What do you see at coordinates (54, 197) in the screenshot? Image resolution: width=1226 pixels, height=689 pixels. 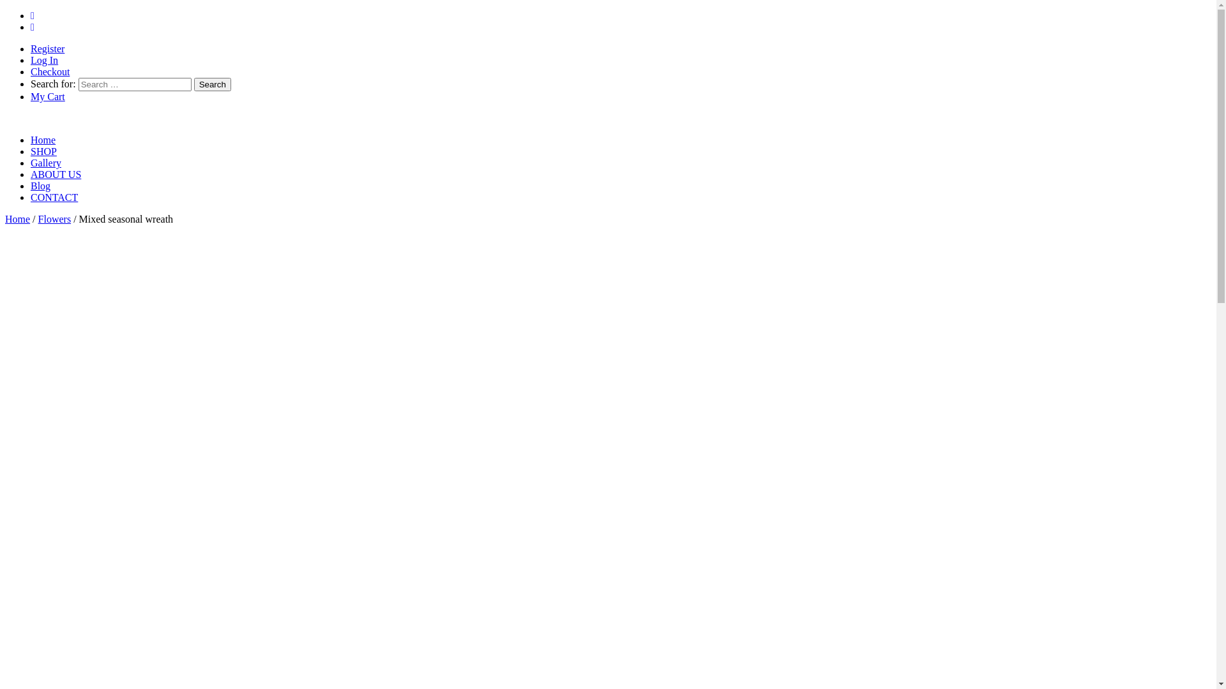 I see `'CONTACT'` at bounding box center [54, 197].